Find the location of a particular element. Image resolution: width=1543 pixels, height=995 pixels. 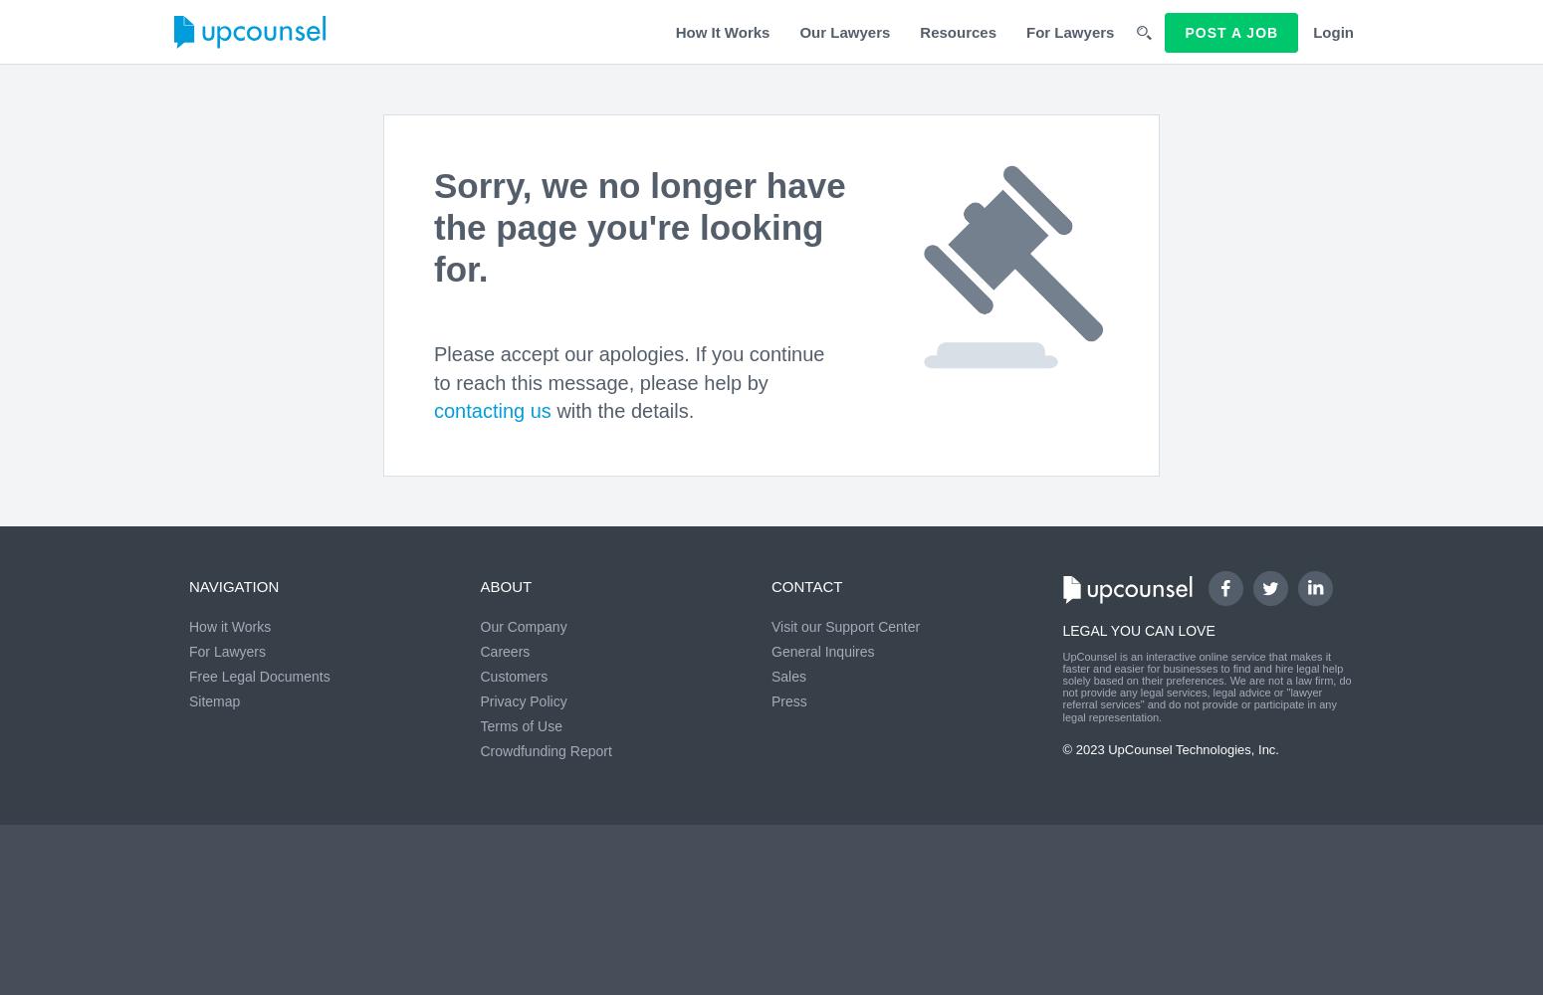

'Sales' is located at coordinates (771, 677).